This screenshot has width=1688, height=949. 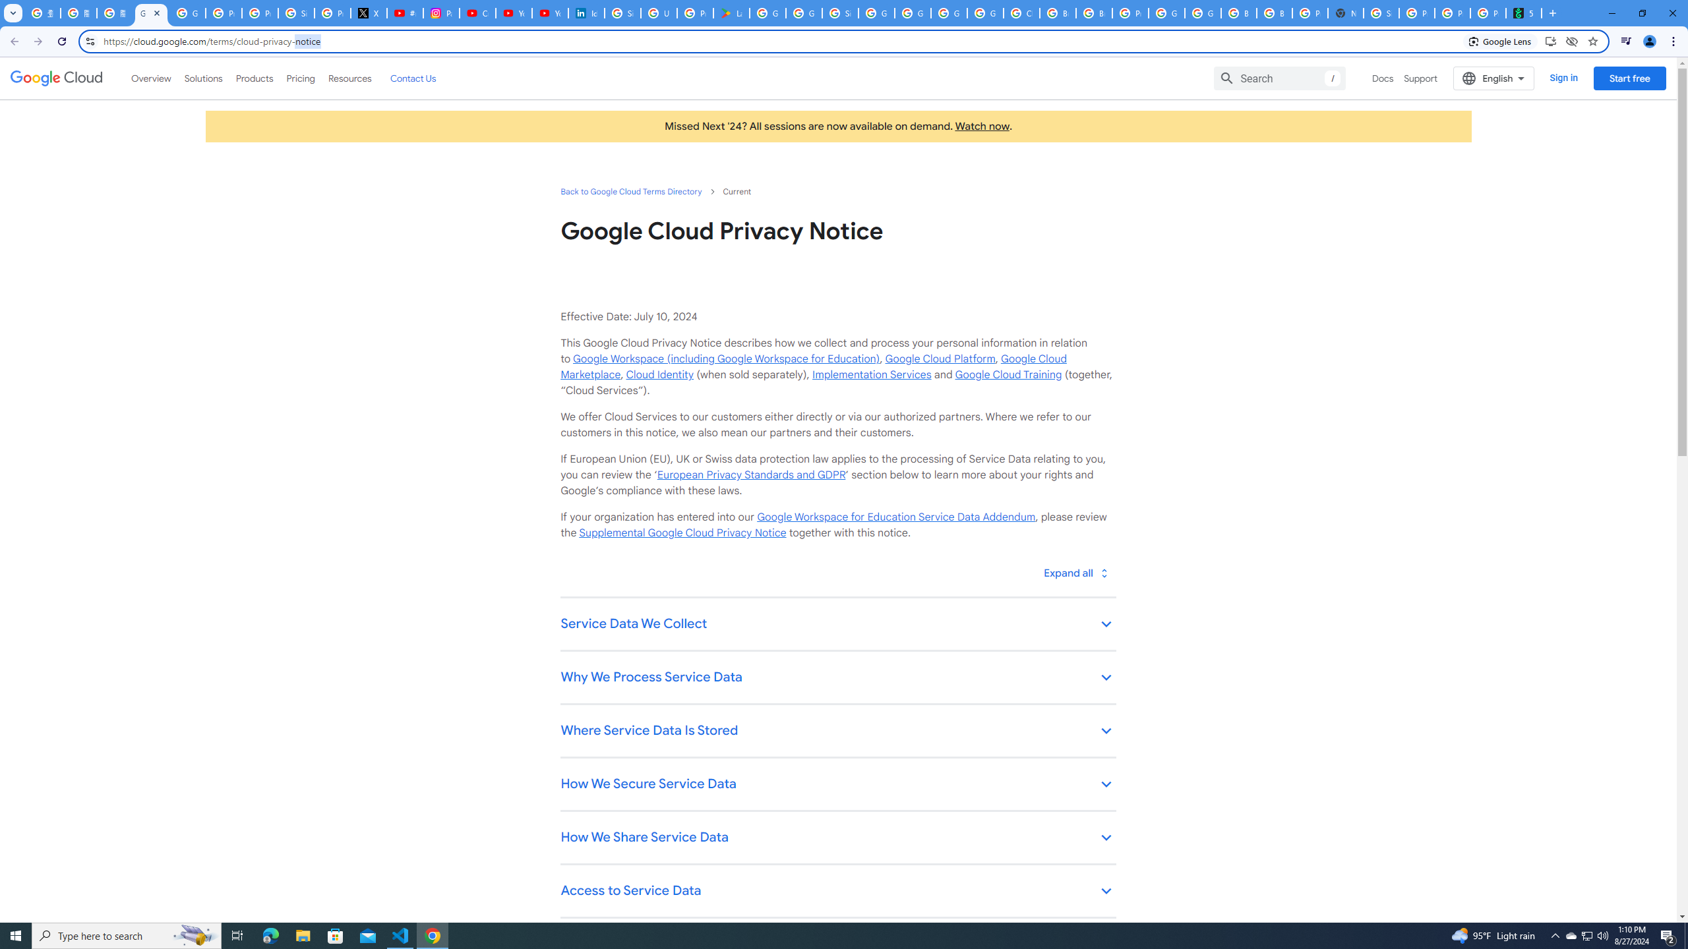 I want to click on 'Cloud Identity', so click(x=659, y=374).